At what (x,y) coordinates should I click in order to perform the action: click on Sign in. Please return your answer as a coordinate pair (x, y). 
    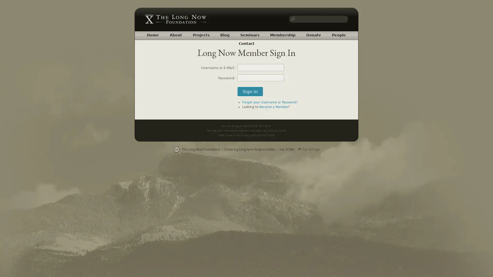
    Looking at the image, I should click on (250, 91).